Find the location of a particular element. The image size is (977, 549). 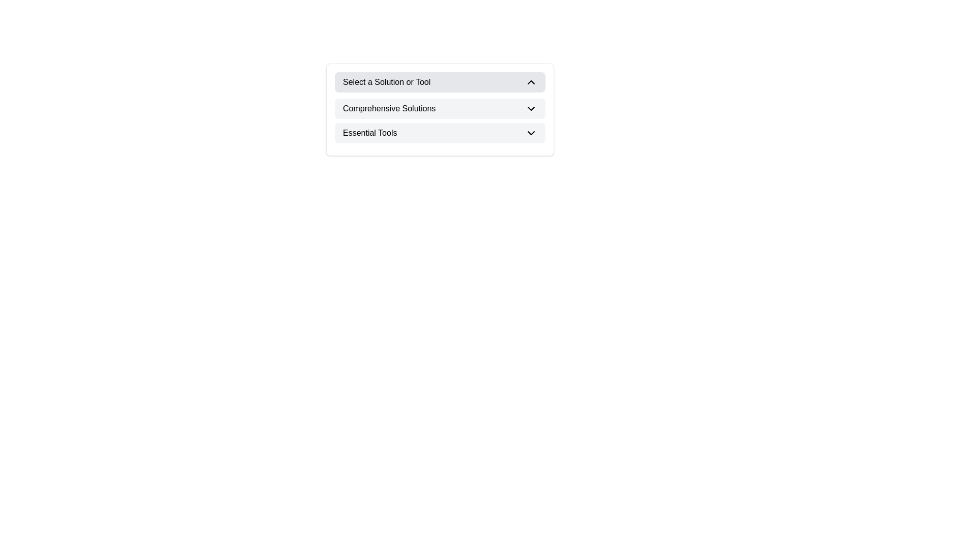

the dropdown menu button located at the center of the interface, above the 'Comprehensive Solutions' and 'Essential Tools' buttons, to navigate is located at coordinates (440, 82).